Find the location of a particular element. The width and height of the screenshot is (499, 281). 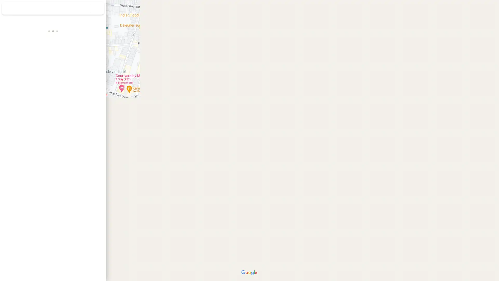

Meer informatie over Plus Codes is located at coordinates (100, 128).